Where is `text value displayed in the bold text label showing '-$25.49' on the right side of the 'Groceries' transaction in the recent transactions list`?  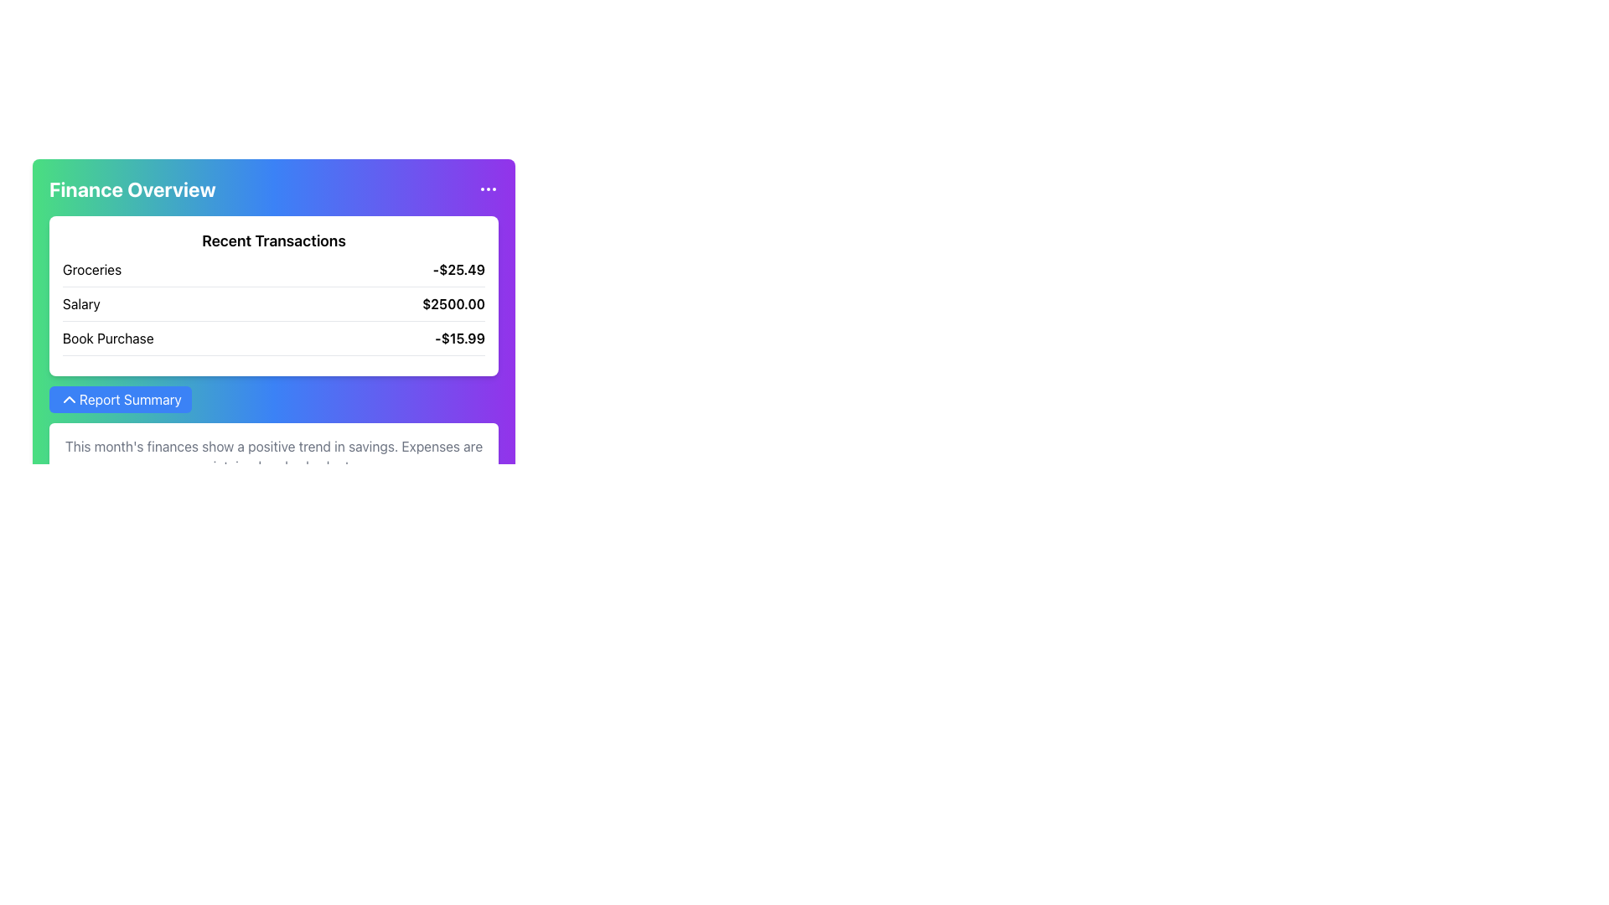 text value displayed in the bold text label showing '-$25.49' on the right side of the 'Groceries' transaction in the recent transactions list is located at coordinates (458, 268).